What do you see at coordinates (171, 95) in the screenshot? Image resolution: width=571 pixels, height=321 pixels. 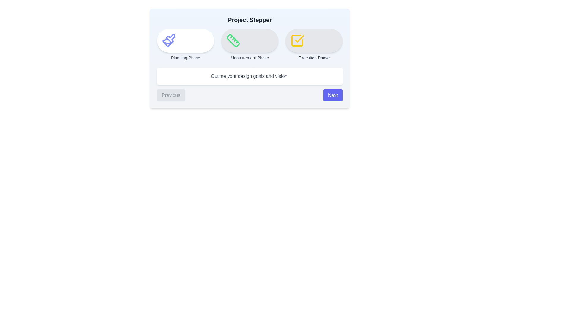 I see `the 'Previous' button to navigate to the previous step` at bounding box center [171, 95].